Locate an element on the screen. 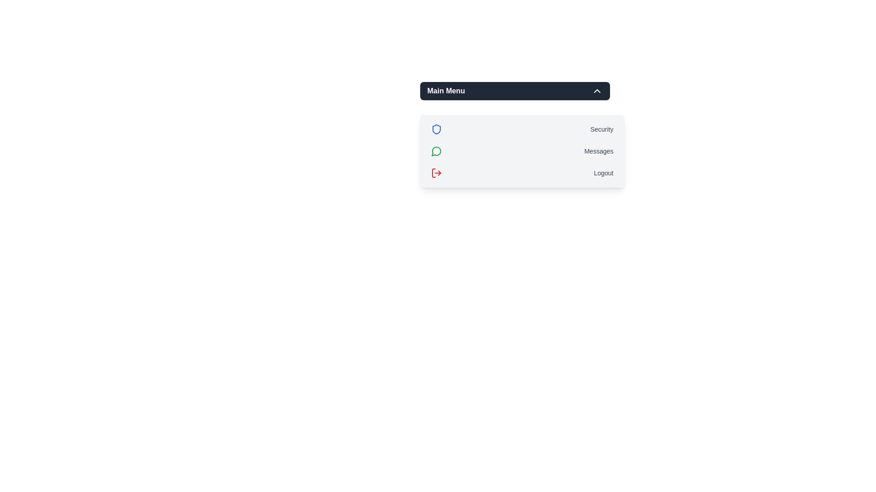 This screenshot has height=492, width=876. the dropdown toggle bar located at the top center of the menu panel is located at coordinates (515, 91).